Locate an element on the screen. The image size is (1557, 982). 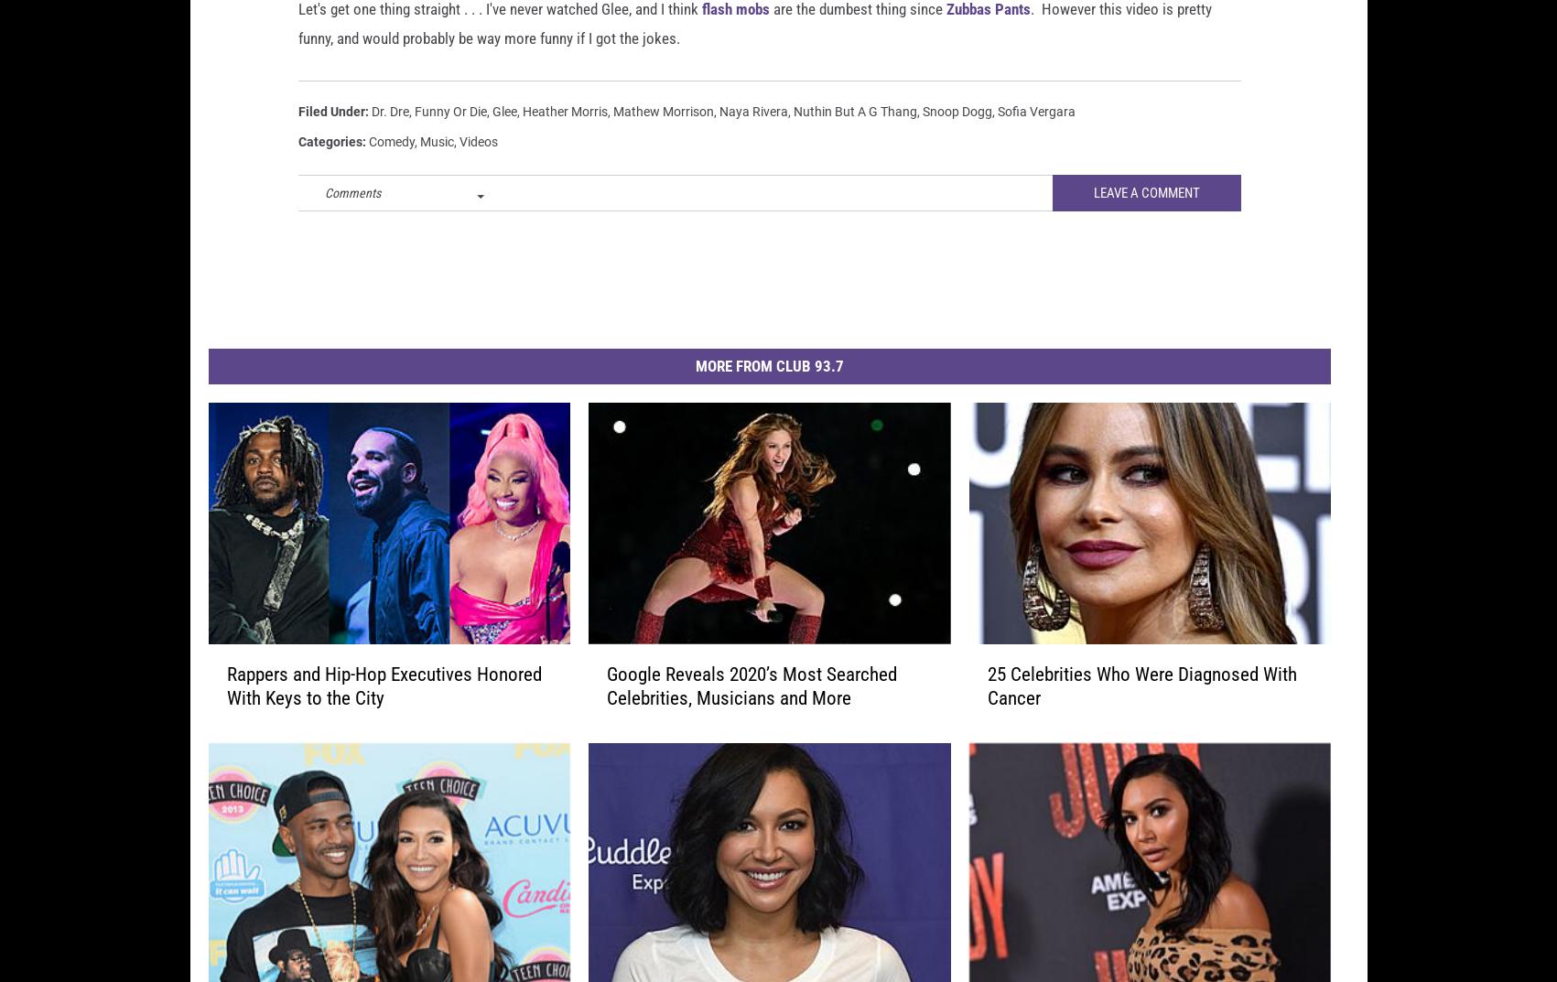
'Videos' is located at coordinates (478, 171).